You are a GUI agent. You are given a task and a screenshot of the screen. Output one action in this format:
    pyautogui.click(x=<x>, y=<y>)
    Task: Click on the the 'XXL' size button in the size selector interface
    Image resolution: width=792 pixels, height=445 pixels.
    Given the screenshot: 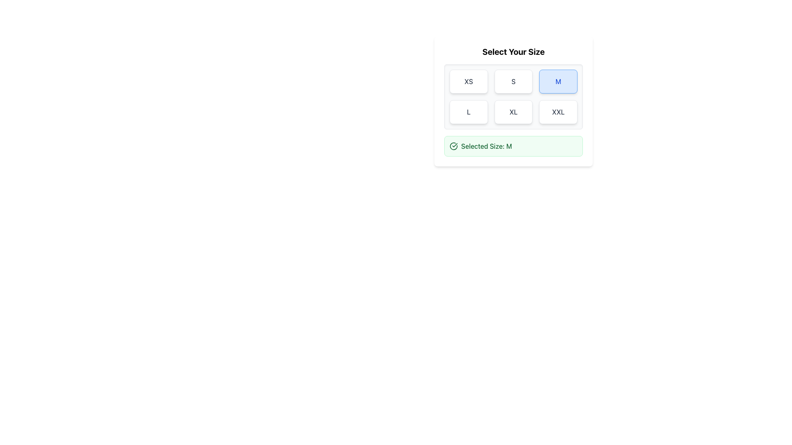 What is the action you would take?
    pyautogui.click(x=558, y=112)
    